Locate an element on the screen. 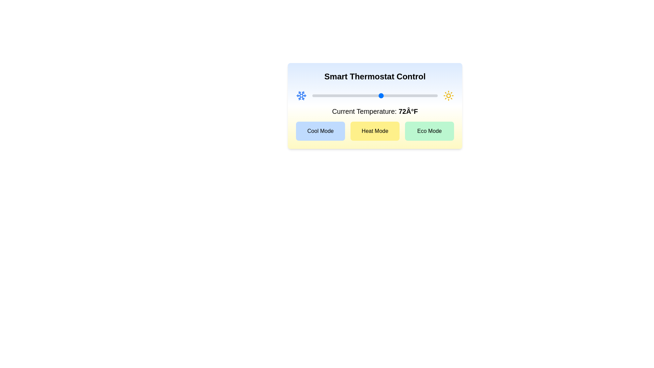 This screenshot has height=368, width=654. the temperature slider to set the temperature to 59°F is located at coordinates (340, 96).